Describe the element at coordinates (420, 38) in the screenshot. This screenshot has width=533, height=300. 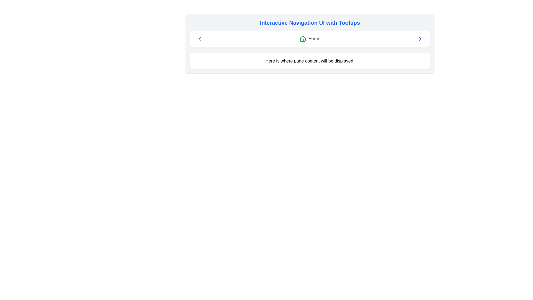
I see `the keyboard navigation on the right-pointing blue chevron icon button located on the far right side of the navigation panel` at that location.